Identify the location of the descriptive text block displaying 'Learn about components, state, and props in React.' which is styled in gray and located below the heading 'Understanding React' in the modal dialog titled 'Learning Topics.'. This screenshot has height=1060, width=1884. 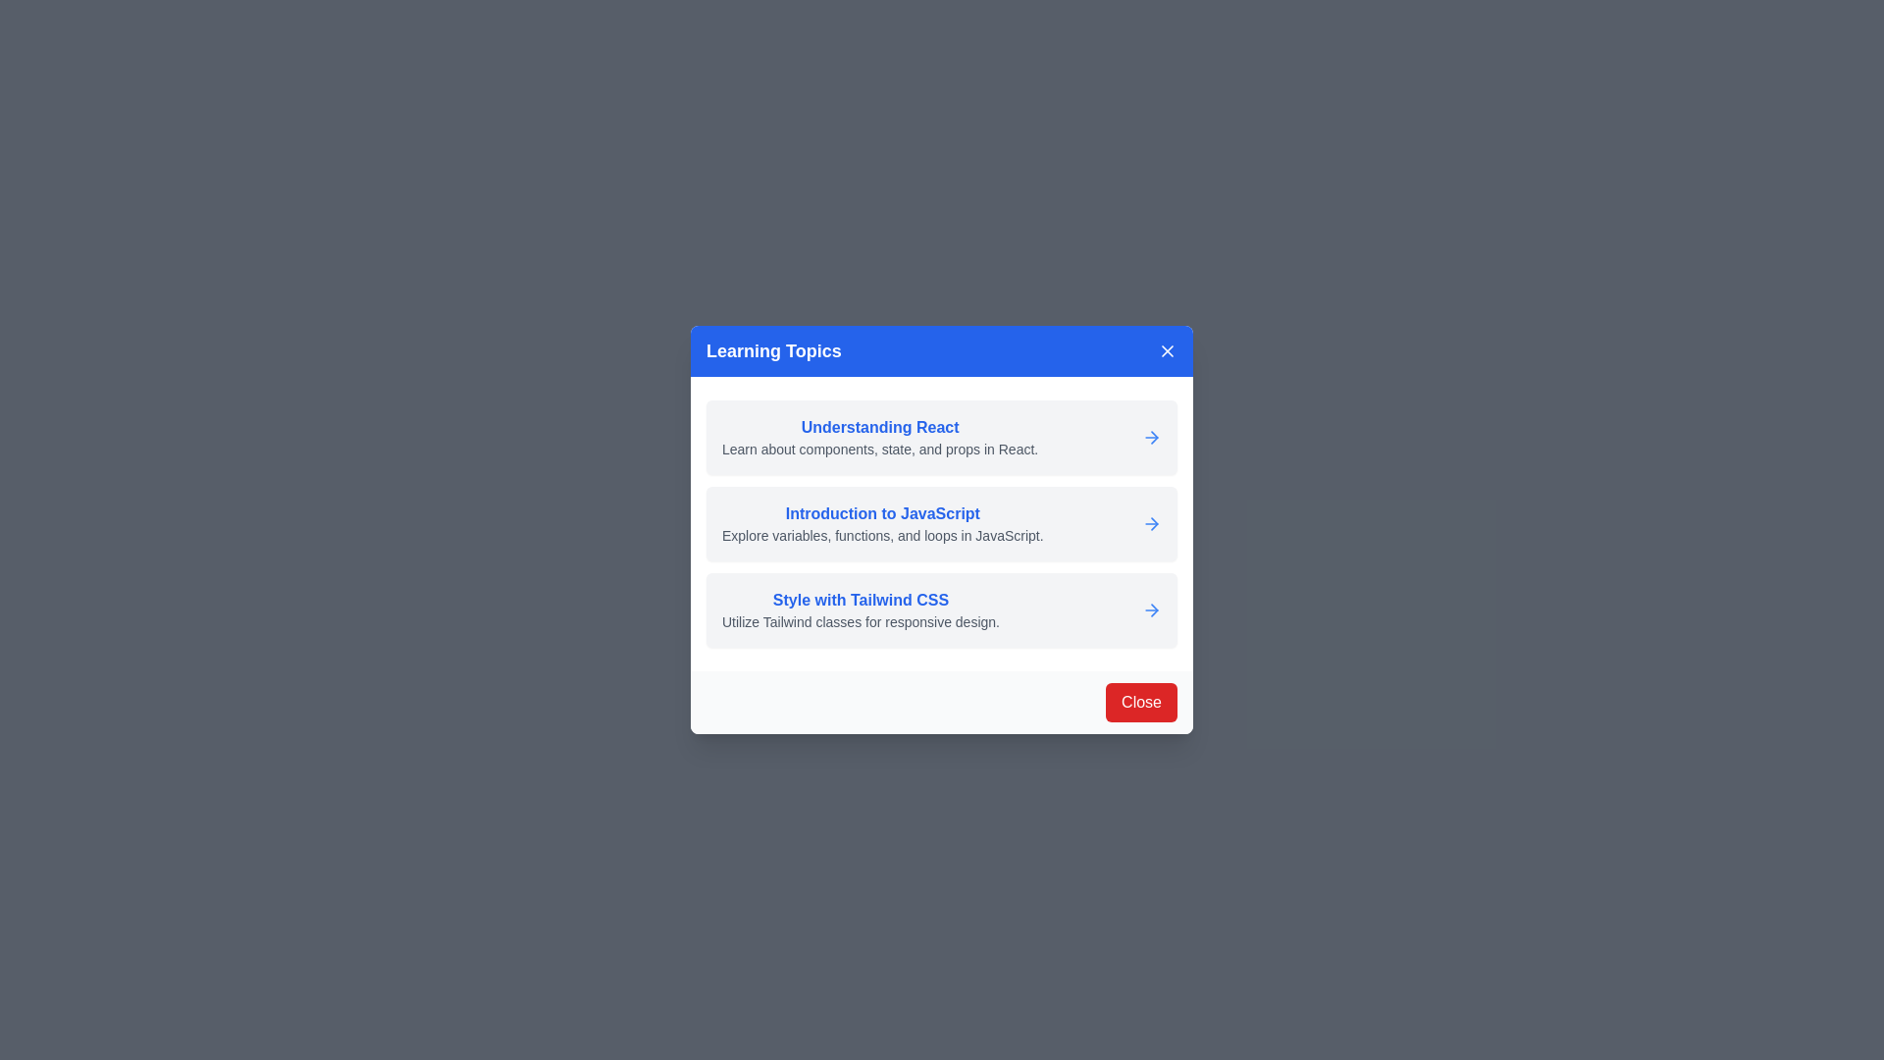
(879, 450).